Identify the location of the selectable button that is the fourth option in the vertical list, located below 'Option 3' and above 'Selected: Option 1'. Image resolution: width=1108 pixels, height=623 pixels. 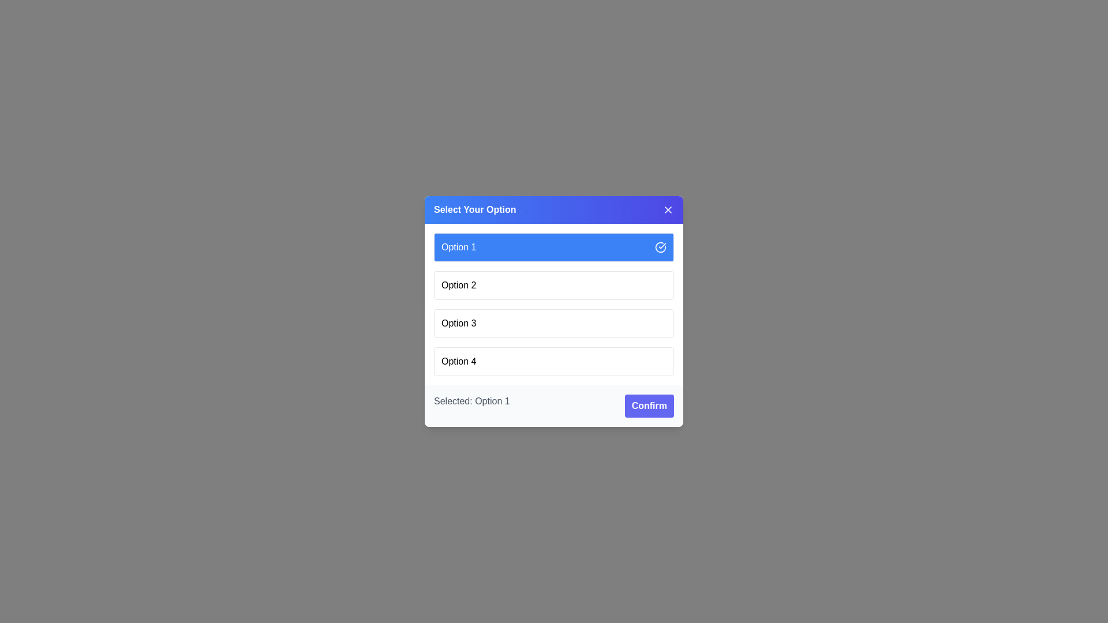
(554, 361).